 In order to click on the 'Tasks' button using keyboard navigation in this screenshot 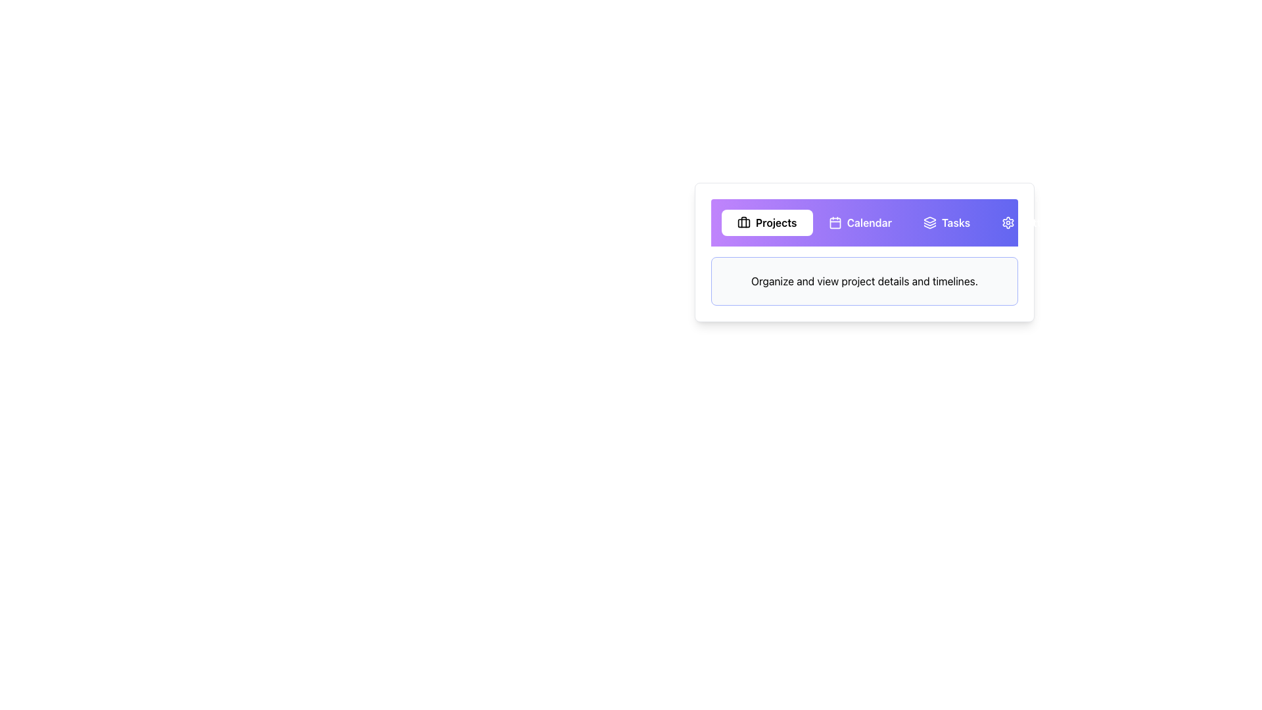, I will do `click(947, 222)`.